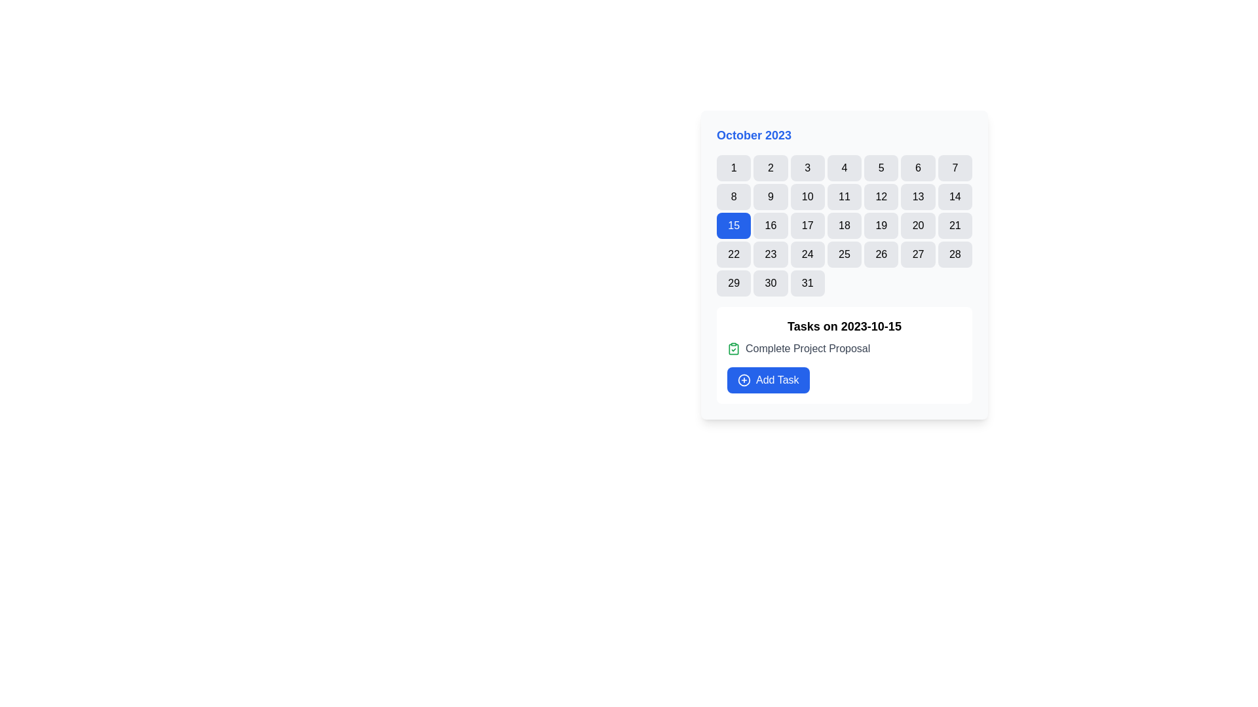 Image resolution: width=1258 pixels, height=707 pixels. What do you see at coordinates (917, 196) in the screenshot?
I see `the button displaying the number '13' in the second row, sixth column of the October 2023 calendar grid` at bounding box center [917, 196].